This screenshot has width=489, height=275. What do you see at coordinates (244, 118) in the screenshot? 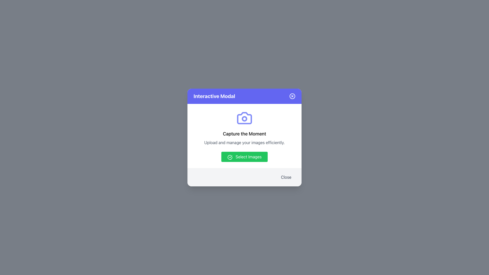
I see `the decorative icon located in the center of the modal dialog box above the text 'Capture the Moment'` at bounding box center [244, 118].